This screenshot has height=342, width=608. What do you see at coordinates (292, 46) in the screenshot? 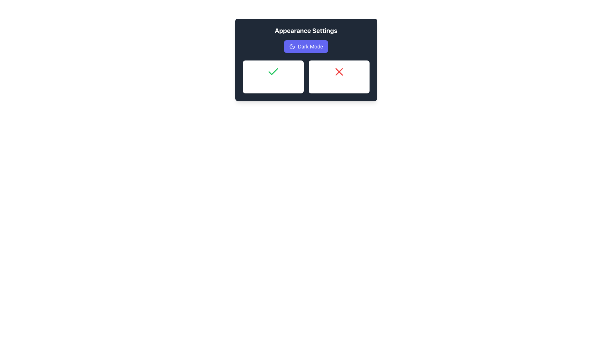
I see `the crescent moon icon within the 'Appearance Settings' section` at bounding box center [292, 46].